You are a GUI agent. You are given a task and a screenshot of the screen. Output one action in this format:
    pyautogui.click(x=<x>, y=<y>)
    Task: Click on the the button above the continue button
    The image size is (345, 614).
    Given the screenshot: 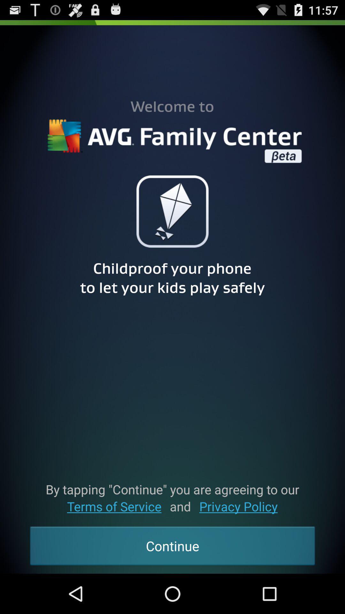 What is the action you would take?
    pyautogui.click(x=114, y=506)
    